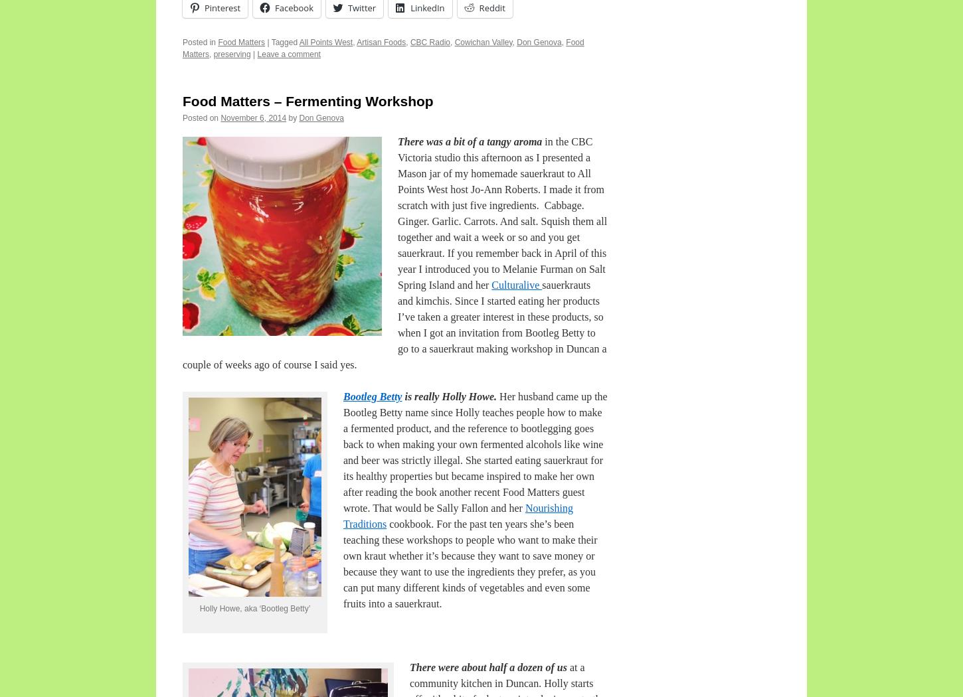  Describe the element at coordinates (491, 7) in the screenshot. I see `'Reddit'` at that location.